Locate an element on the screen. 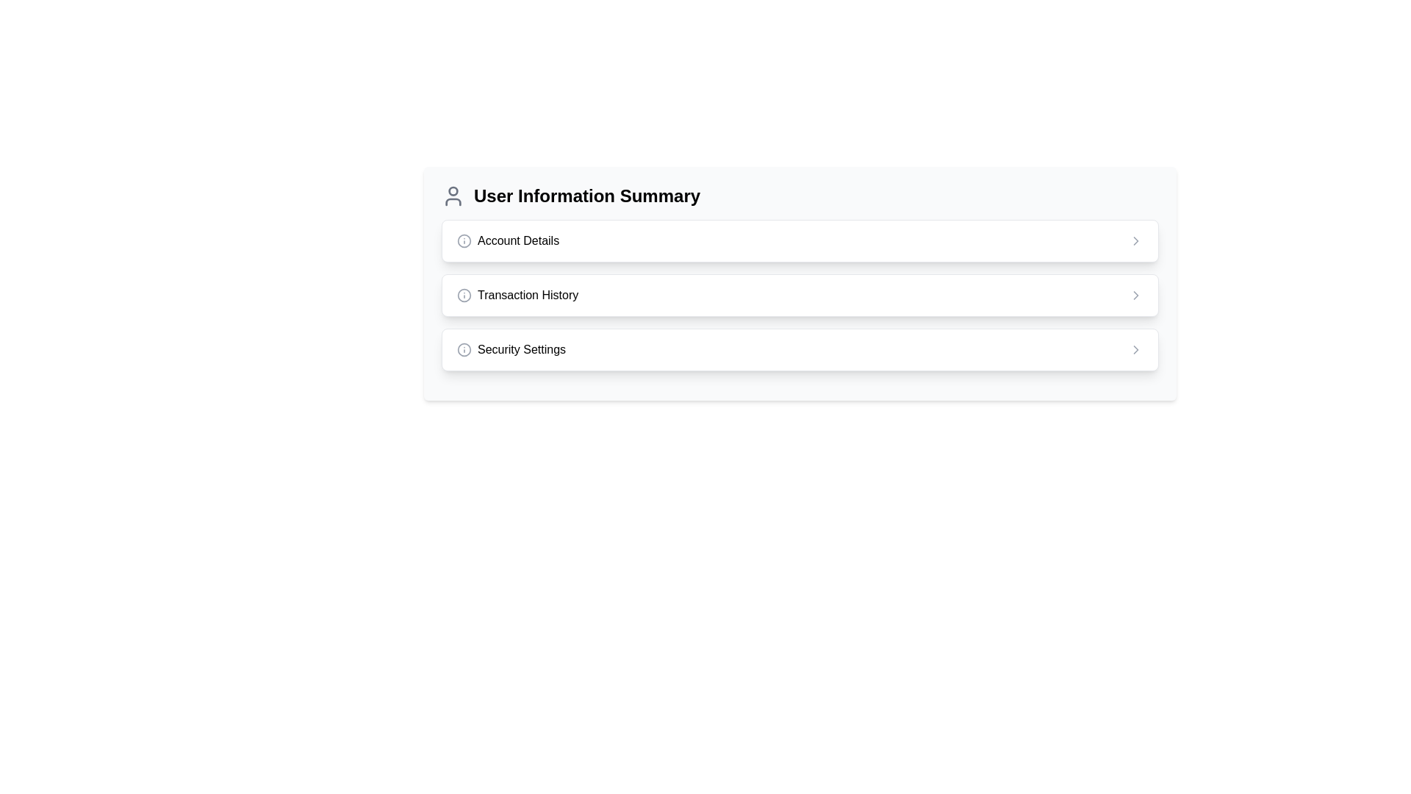 The image size is (1411, 794). the 'Transaction History' clickable list item using keyboard navigation is located at coordinates (800, 295).